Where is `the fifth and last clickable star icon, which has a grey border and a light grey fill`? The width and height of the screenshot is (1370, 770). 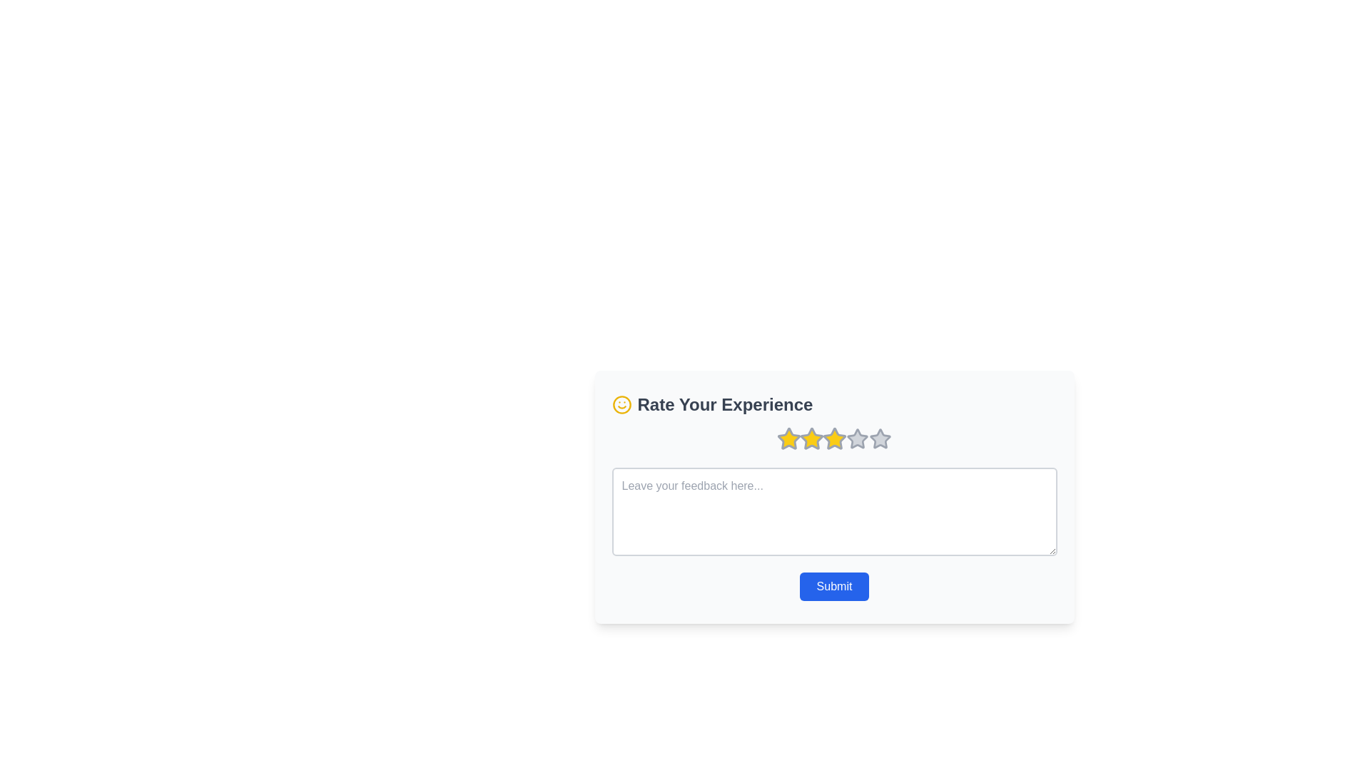
the fifth and last clickable star icon, which has a grey border and a light grey fill is located at coordinates (879, 438).